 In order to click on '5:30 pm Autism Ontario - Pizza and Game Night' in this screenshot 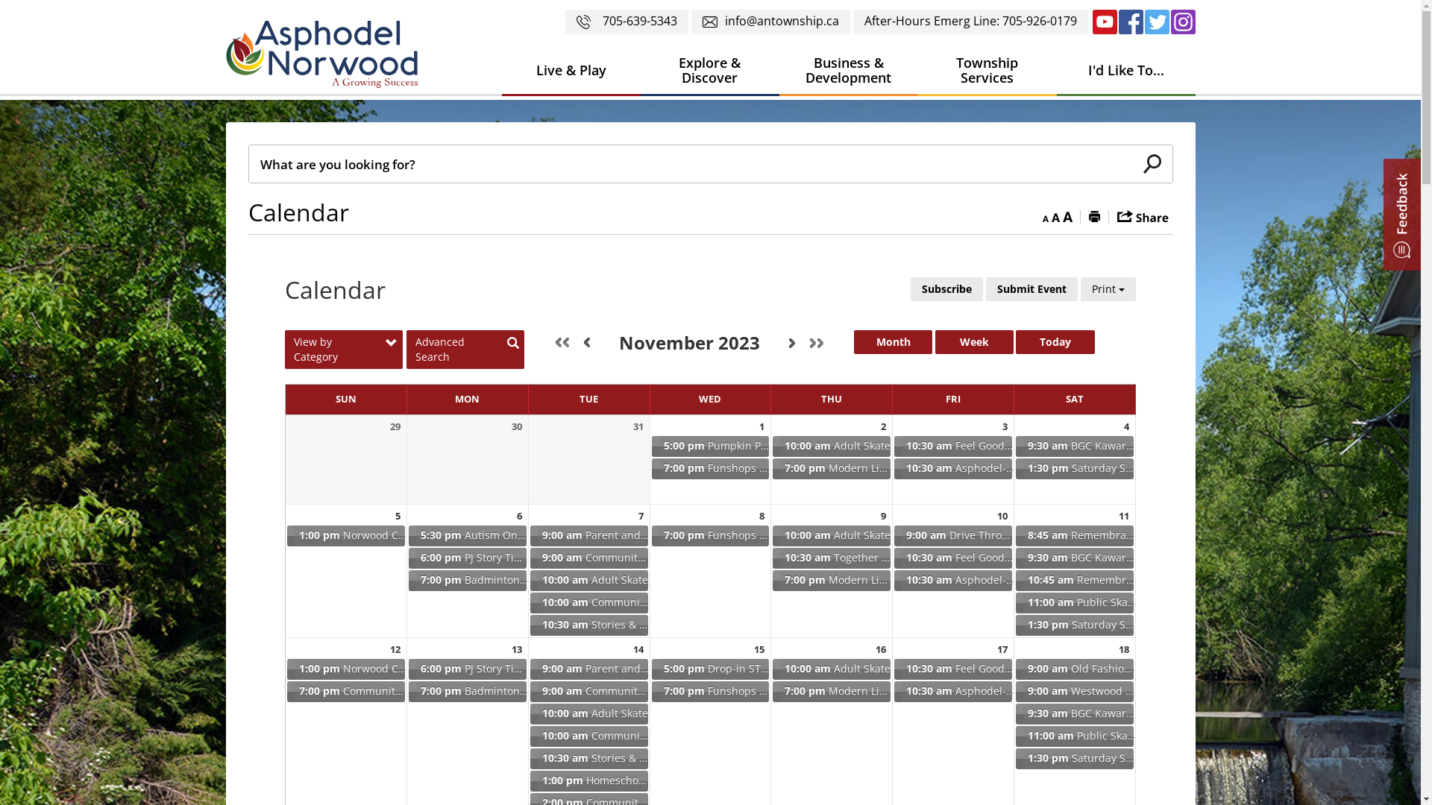, I will do `click(467, 534)`.